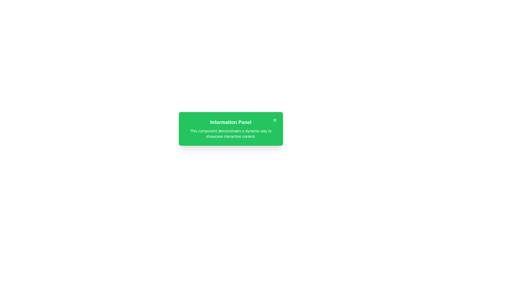 The width and height of the screenshot is (521, 293). I want to click on the 'Information Panel' text header, which is displayed in bold, large font, white color on a green background, positioned at the top-center of a rectangular panel, so click(231, 122).